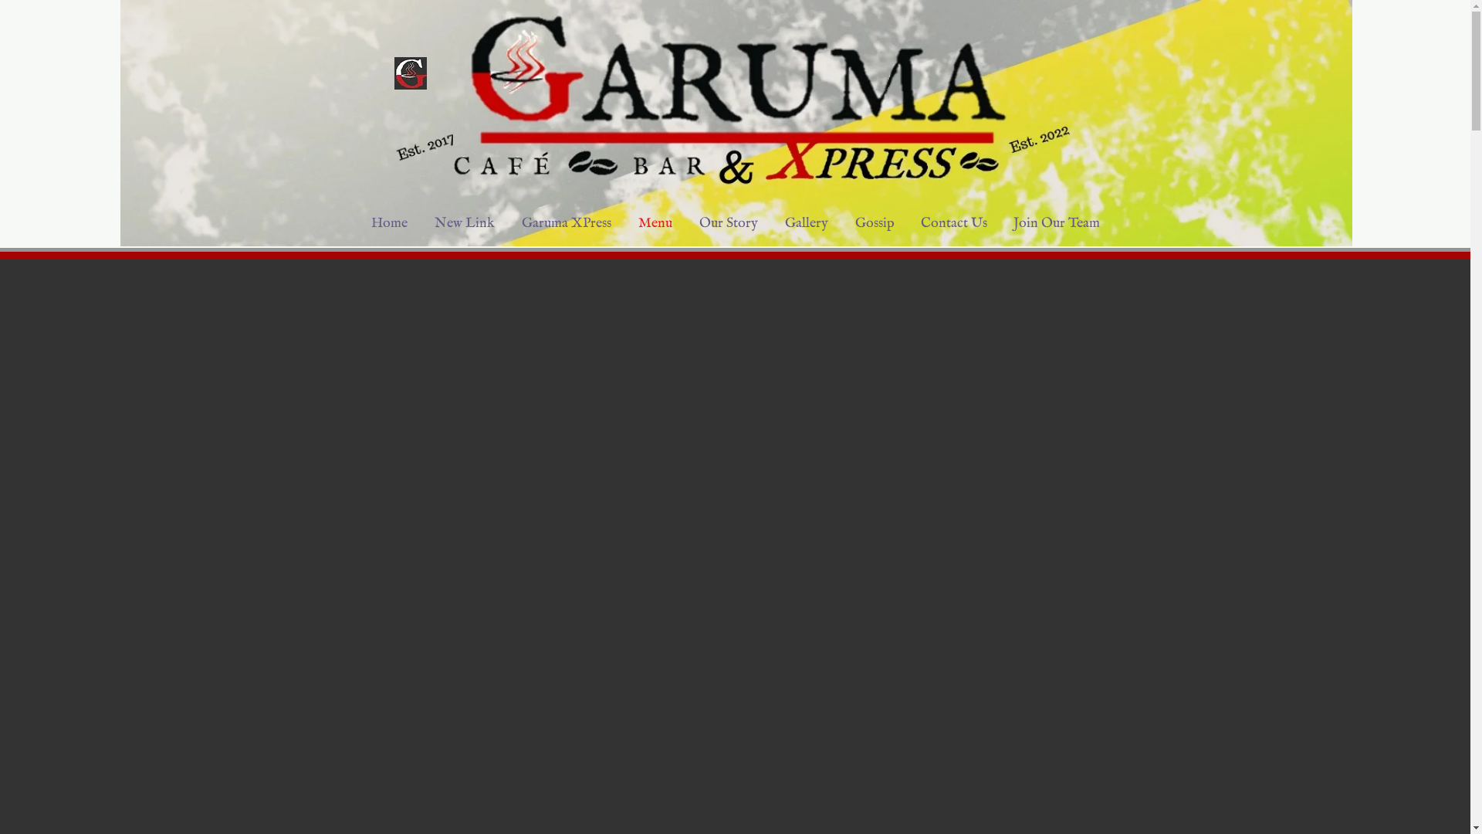 Image resolution: width=1482 pixels, height=834 pixels. Describe the element at coordinates (1055, 223) in the screenshot. I see `'Join Our Team'` at that location.